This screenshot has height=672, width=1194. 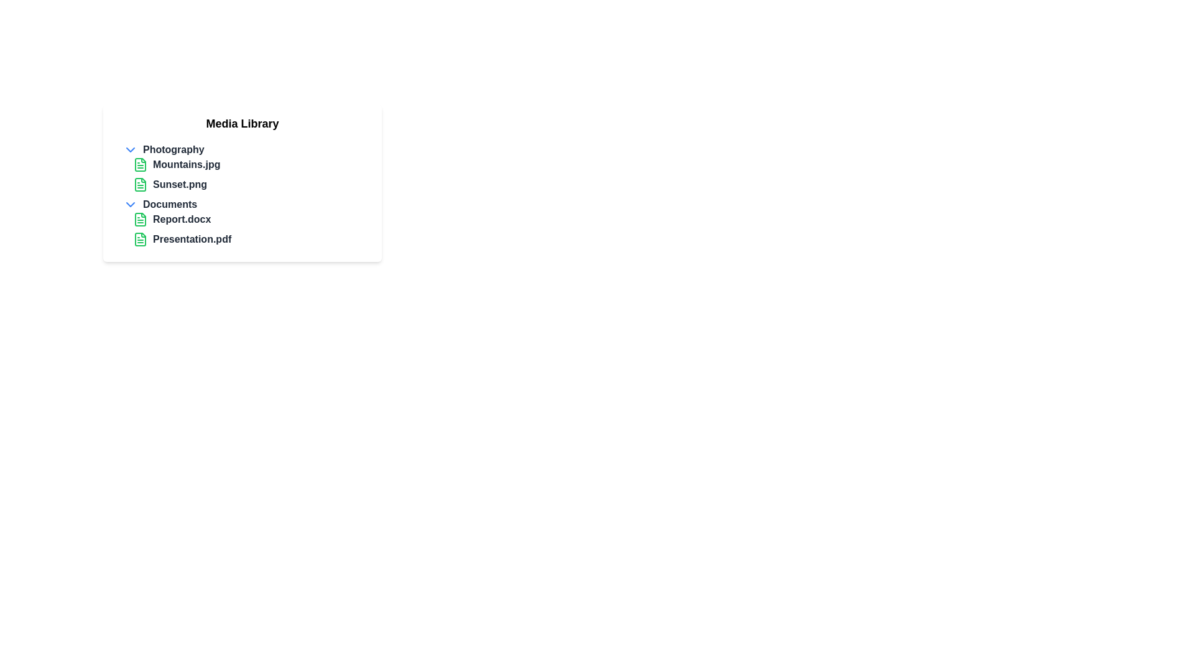 I want to click on the text label for the file named 'Presentation.pdf', so click(x=192, y=240).